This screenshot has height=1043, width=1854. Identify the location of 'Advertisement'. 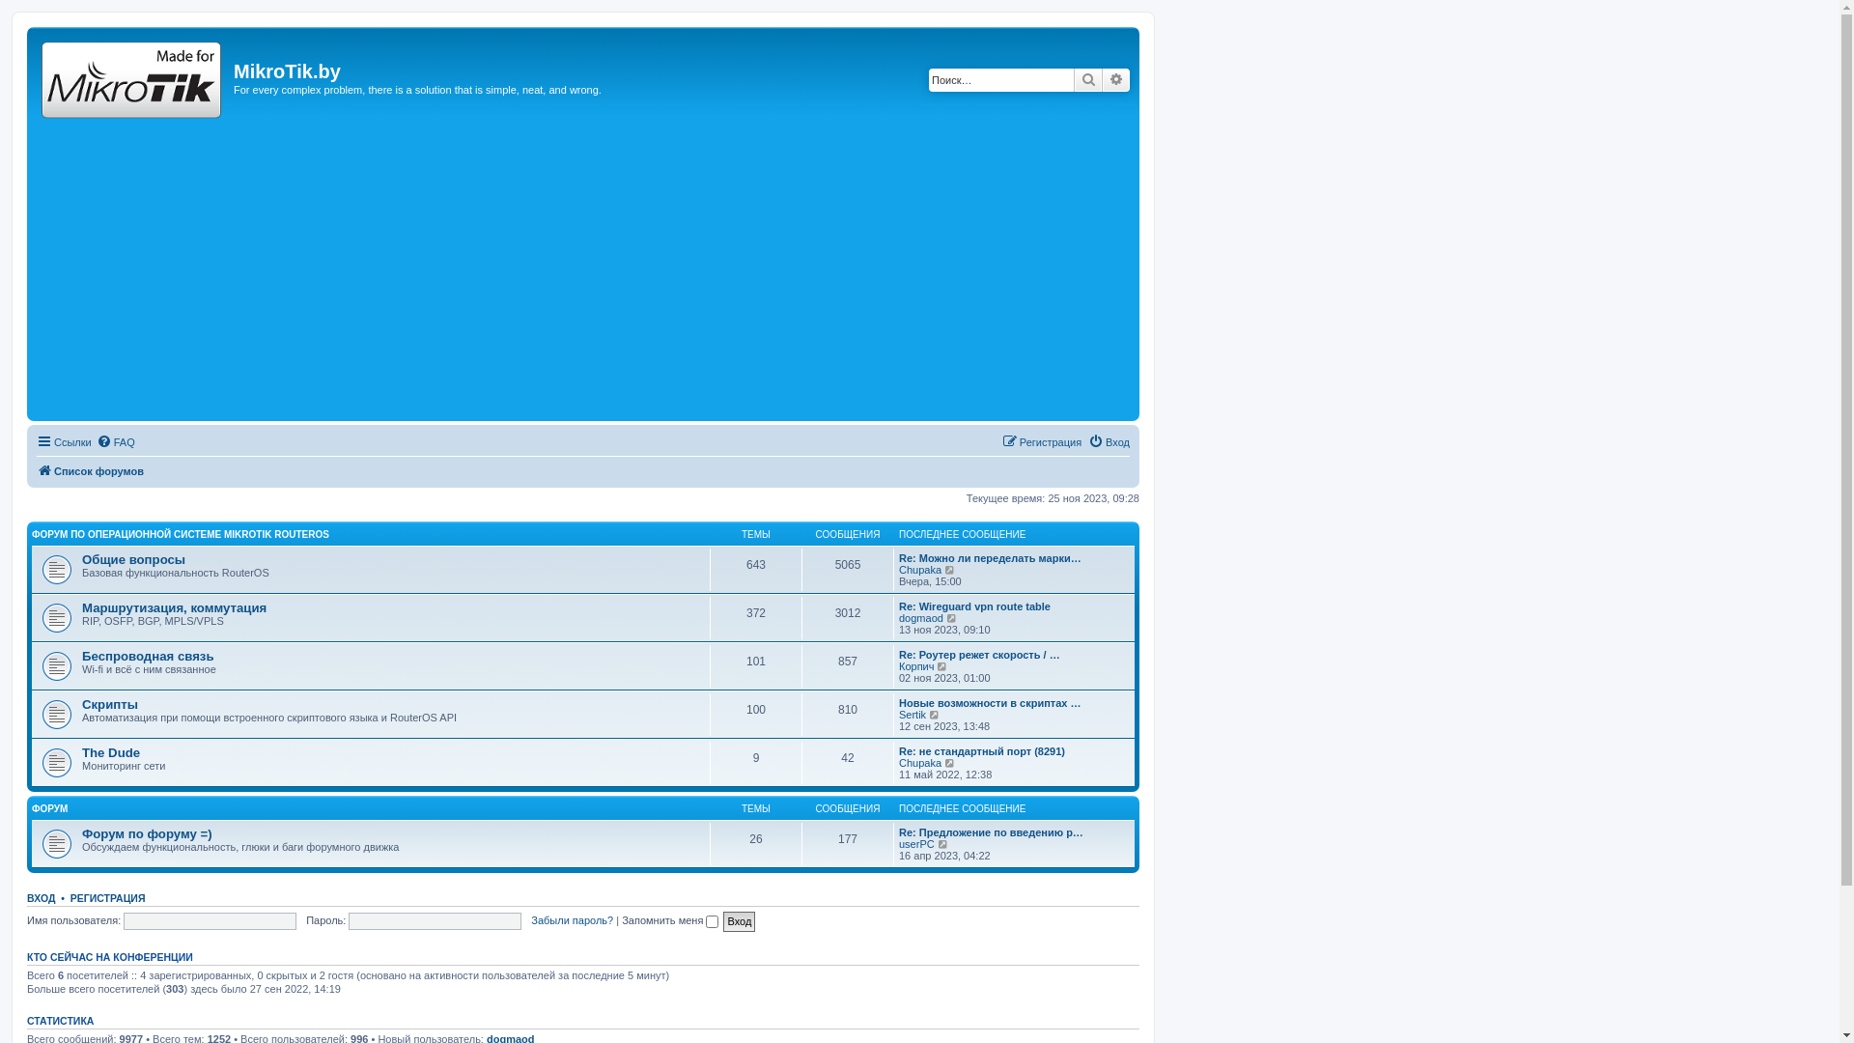
(582, 271).